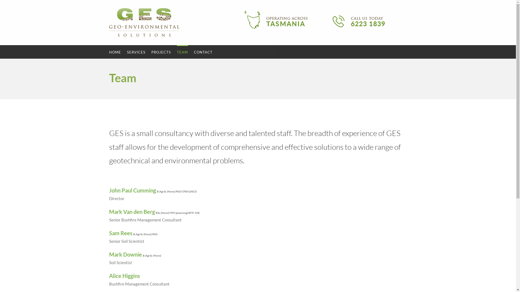 The image size is (520, 292). Describe the element at coordinates (114, 52) in the screenshot. I see `'HOME'` at that location.